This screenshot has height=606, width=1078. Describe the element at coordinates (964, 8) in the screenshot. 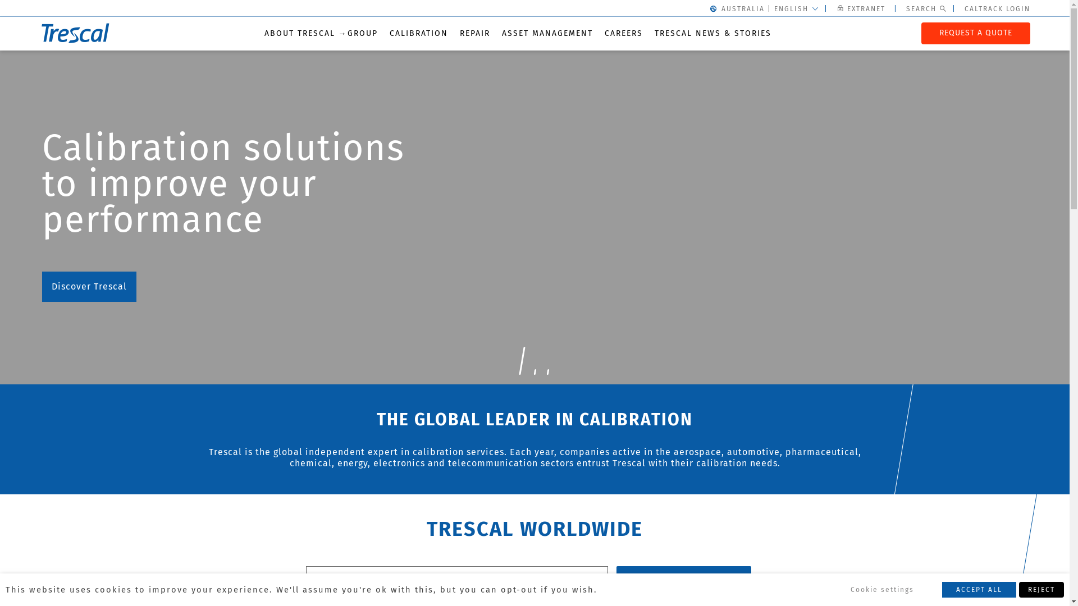

I see `'CALTRACK LOGIN'` at that location.